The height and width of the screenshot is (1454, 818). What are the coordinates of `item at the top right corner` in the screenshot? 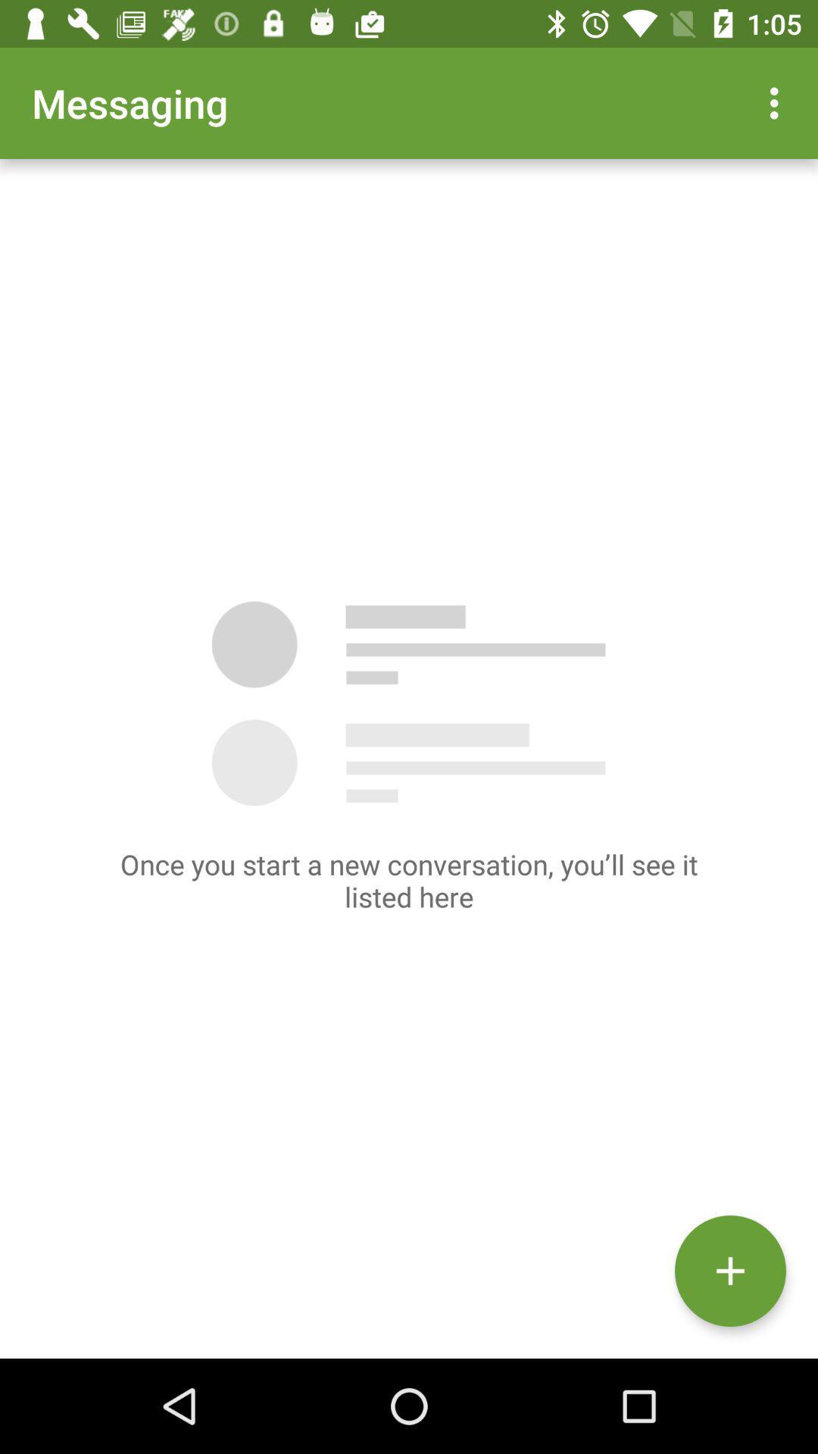 It's located at (778, 102).